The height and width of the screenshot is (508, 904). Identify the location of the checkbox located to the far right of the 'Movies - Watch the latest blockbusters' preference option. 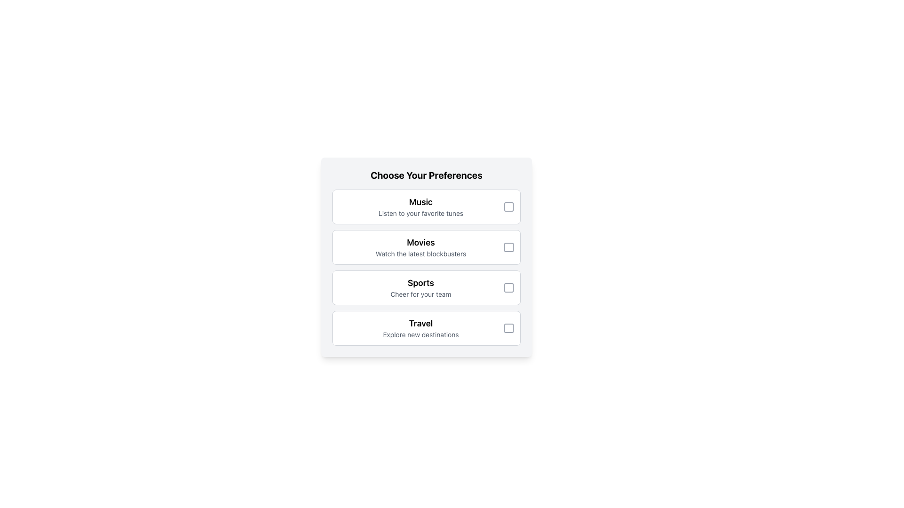
(508, 246).